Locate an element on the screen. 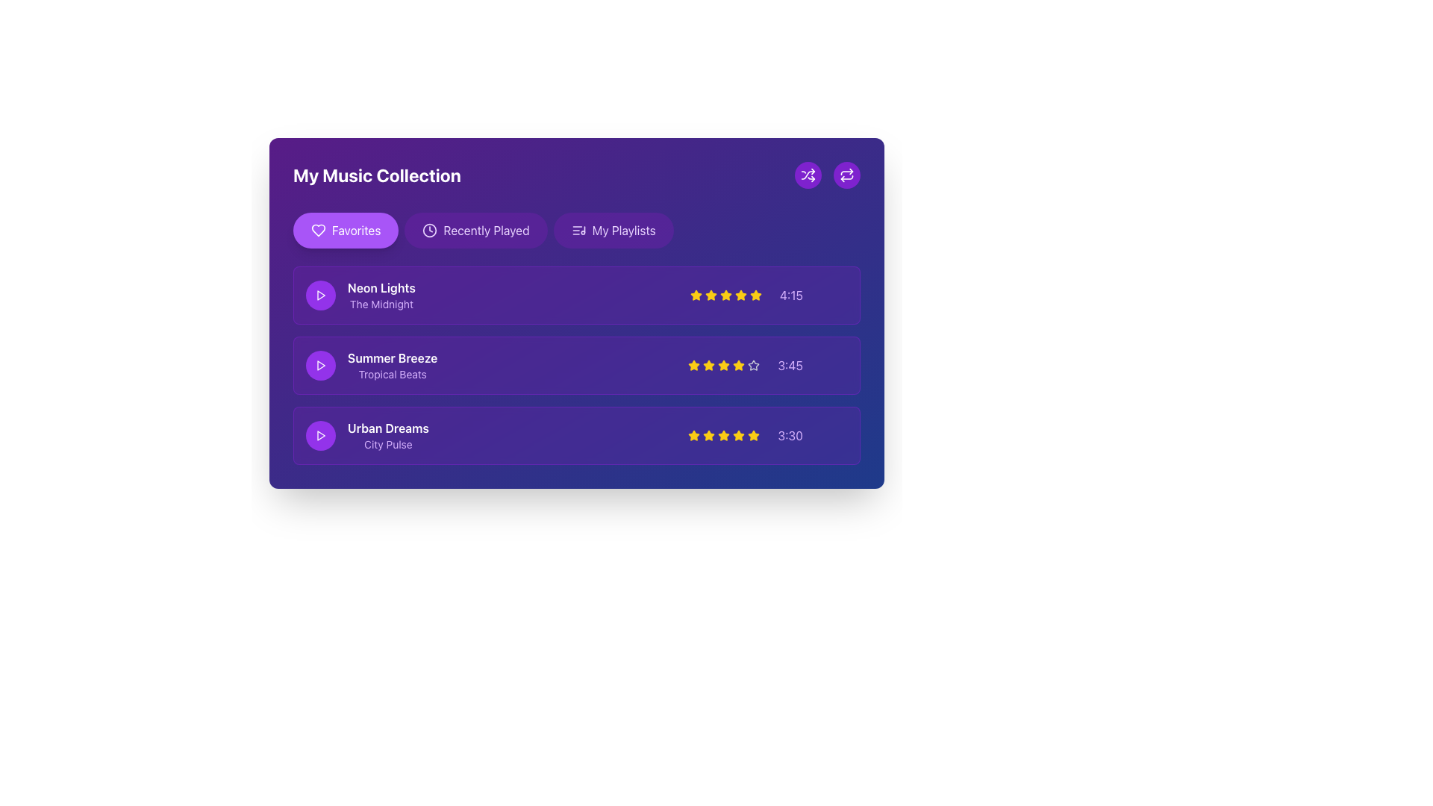  the text label displaying '3:30' in purple color located in the third row of the 'My Music Collection' section, to the right of the rating stars is located at coordinates (790, 435).